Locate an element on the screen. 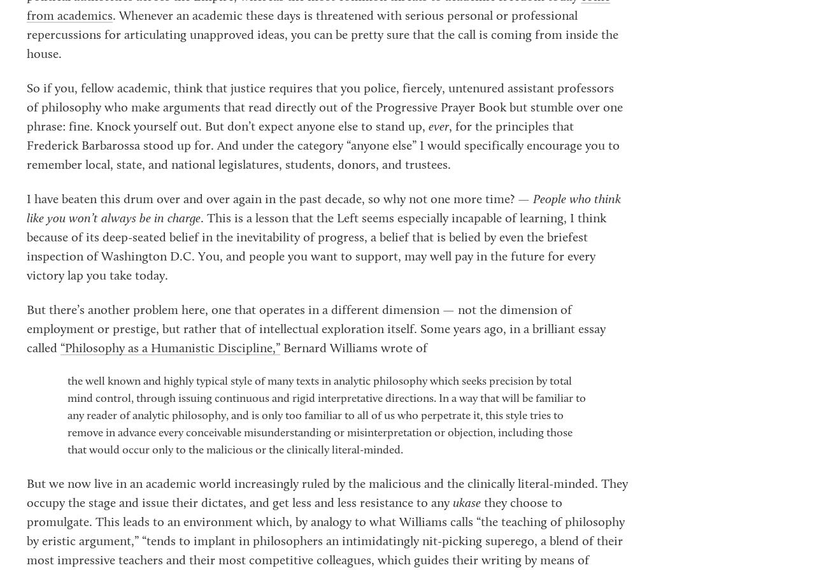 The width and height of the screenshot is (828, 570). '. This is a lesson that the Left seems especially incapable of learning, I think because of its deep-seated belief in the inevitability of progress, a belief that is belied by even the briefest inspection of Washington D.C. You, and people you want to support, may well pay in the future for every victory lap you take today.' is located at coordinates (316, 247).